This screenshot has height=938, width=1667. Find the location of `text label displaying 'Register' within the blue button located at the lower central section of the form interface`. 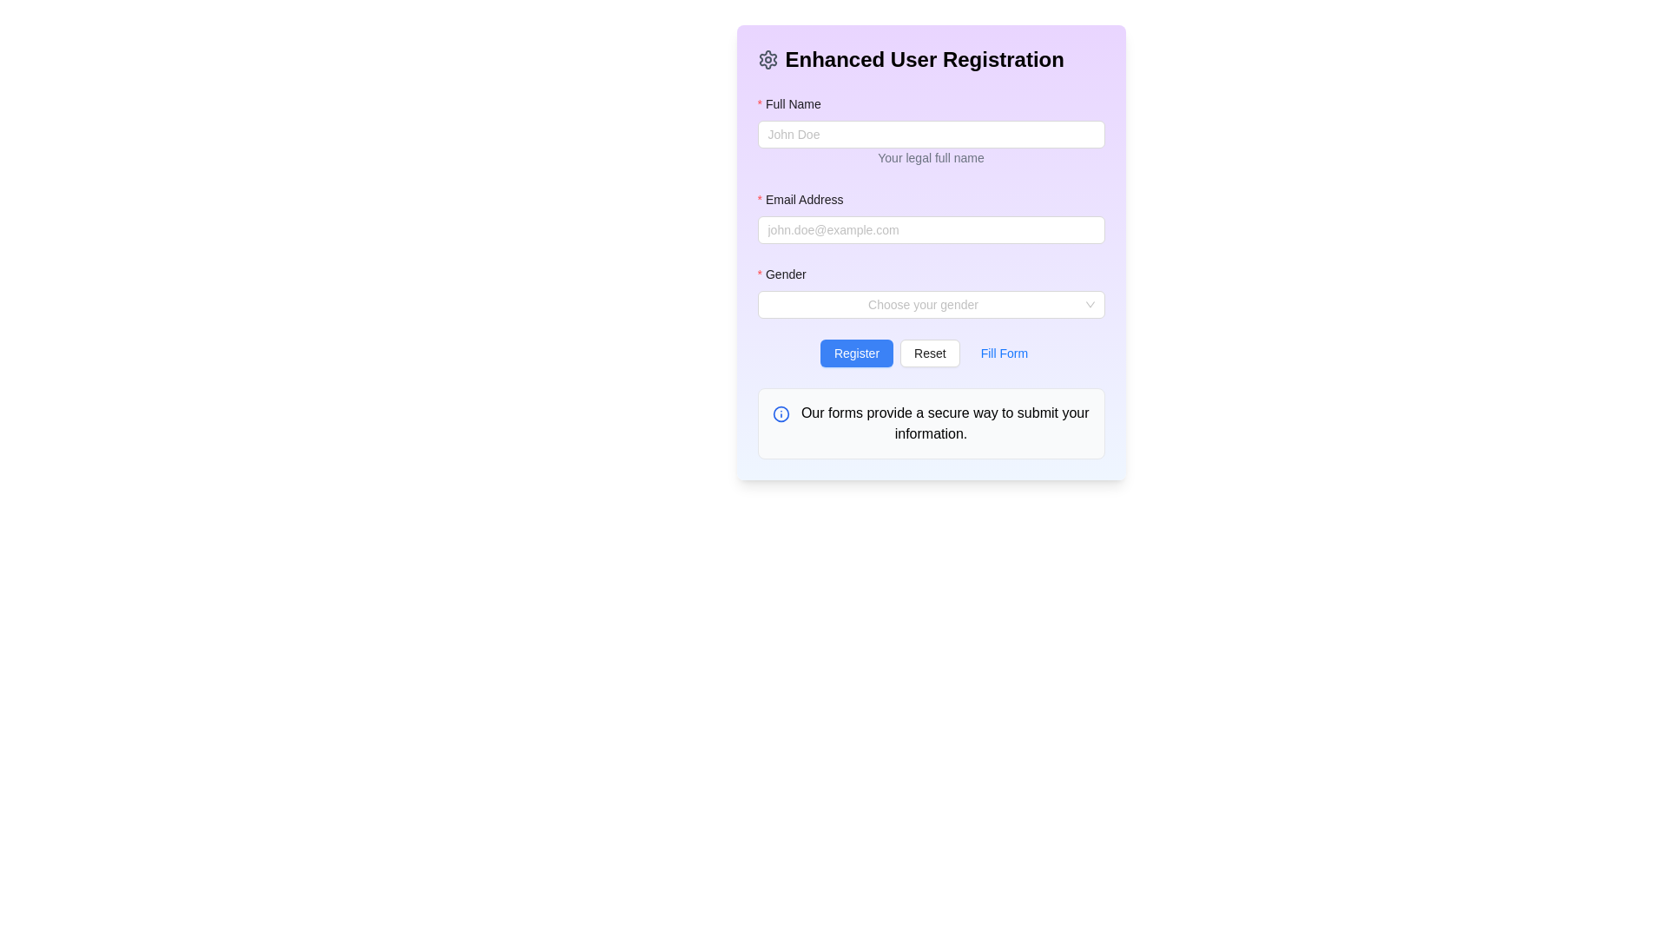

text label displaying 'Register' within the blue button located at the lower central section of the form interface is located at coordinates (857, 353).